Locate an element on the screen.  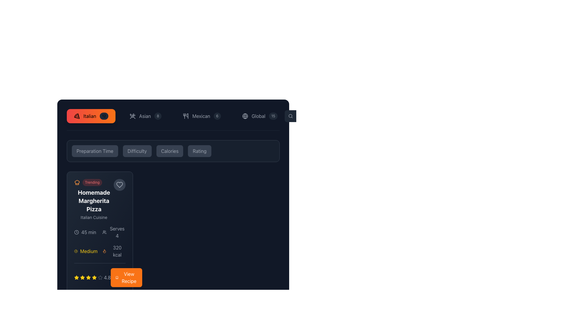
the numerical rating text element located to the right of the star icons in the rating section of the recipe card is located at coordinates (107, 278).